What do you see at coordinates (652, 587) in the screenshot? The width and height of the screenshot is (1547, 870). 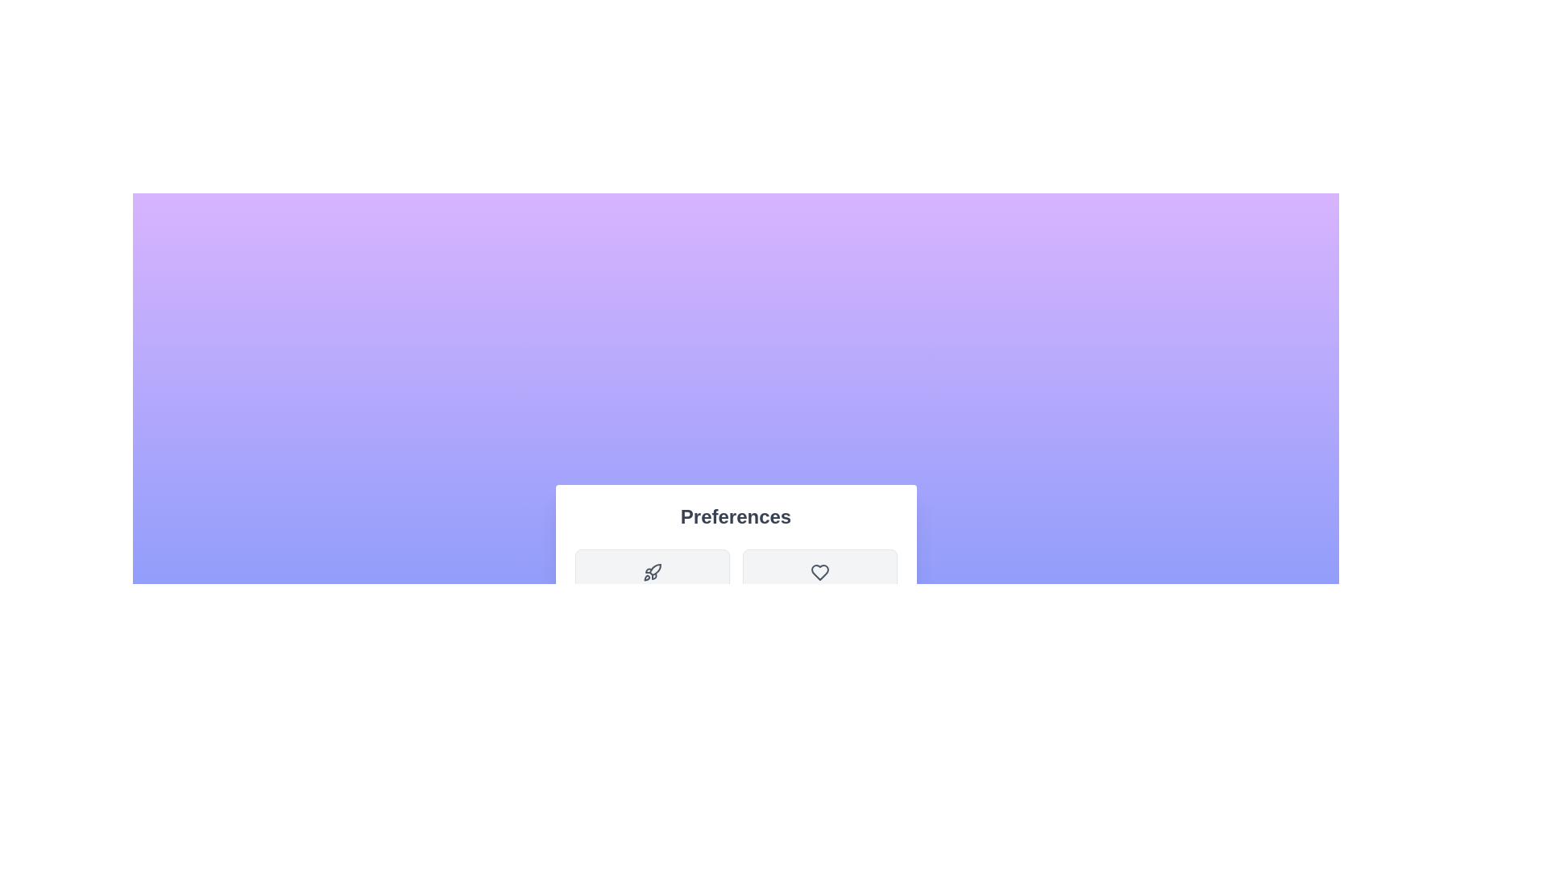 I see `the preference Adventure by clicking its corresponding button` at bounding box center [652, 587].